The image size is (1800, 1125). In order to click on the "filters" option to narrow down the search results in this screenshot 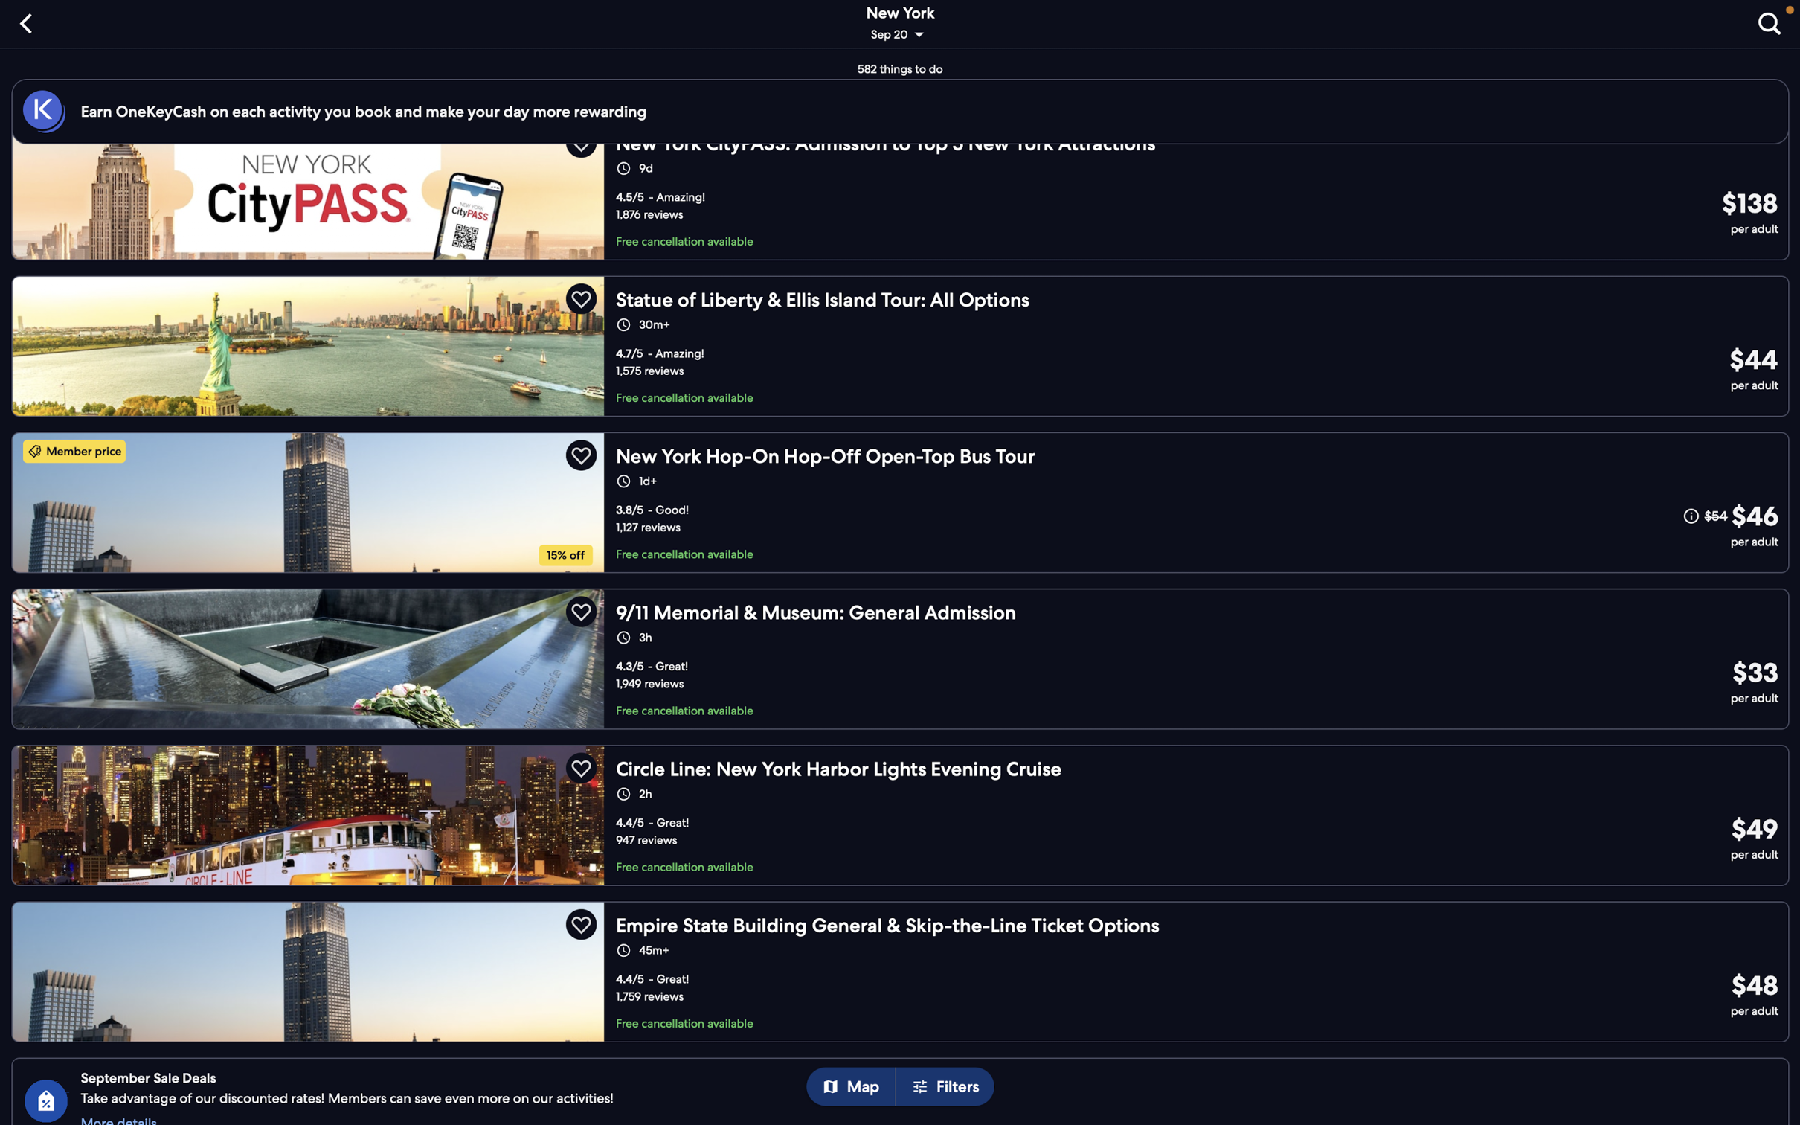, I will do `click(949, 1087)`.